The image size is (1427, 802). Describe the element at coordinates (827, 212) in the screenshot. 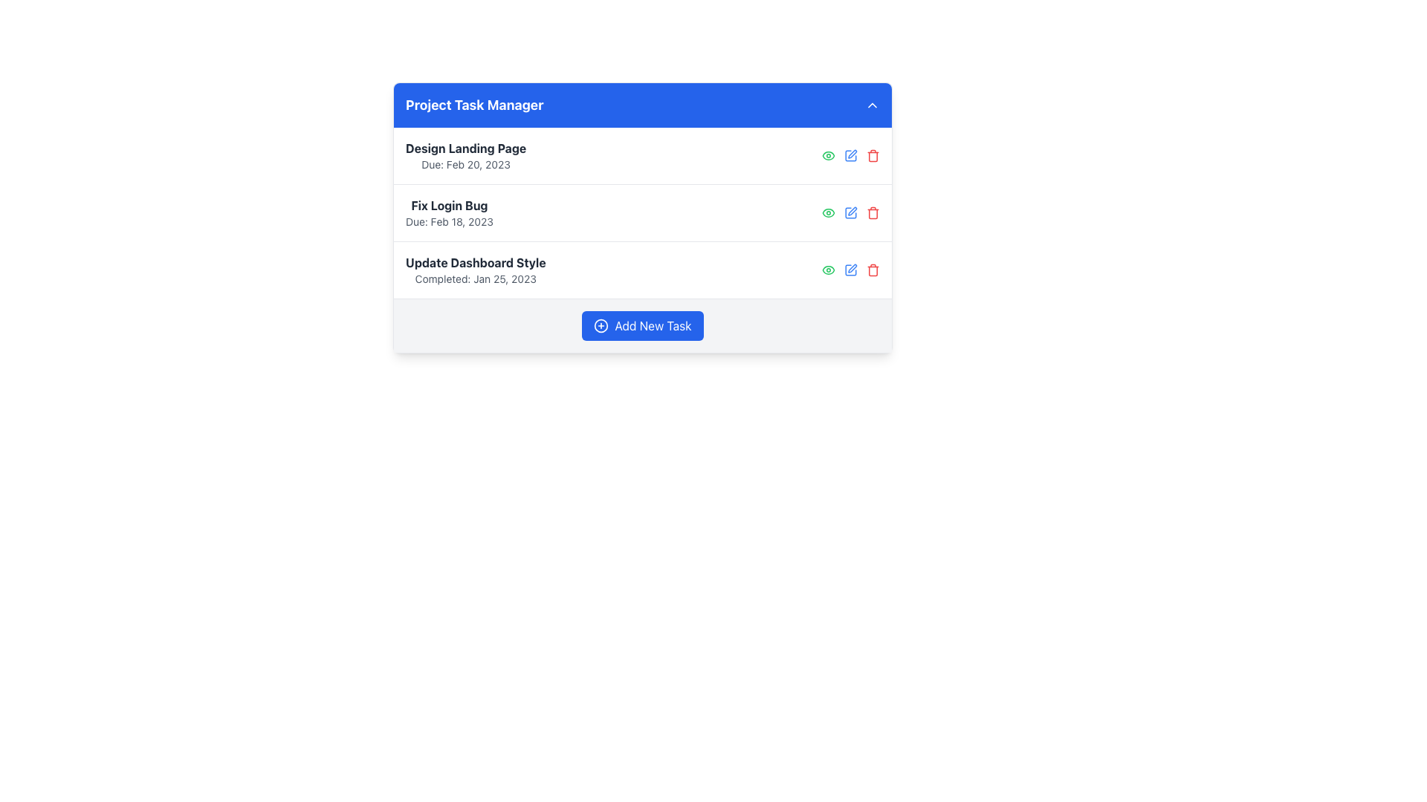

I see `the green eye-shaped icon located in the second row of the task list` at that location.